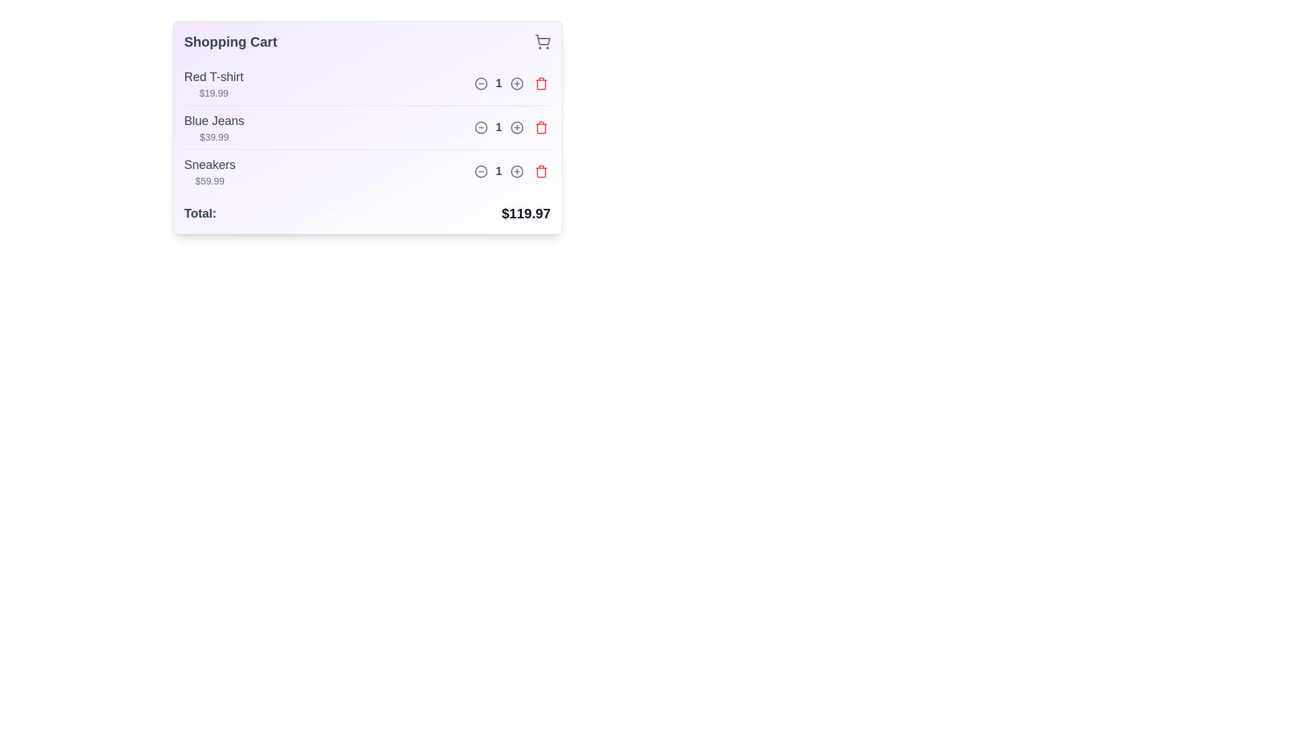 The width and height of the screenshot is (1298, 730). Describe the element at coordinates (541, 171) in the screenshot. I see `the remove item button located in the bottom-right corner of the shopping cart interface` at that location.